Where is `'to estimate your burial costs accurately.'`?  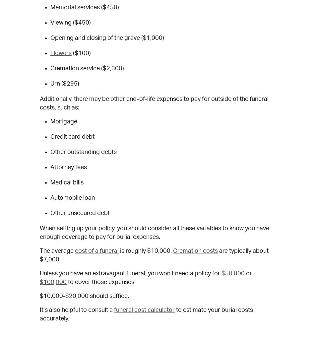 'to estimate your burial costs accurately.' is located at coordinates (146, 314).